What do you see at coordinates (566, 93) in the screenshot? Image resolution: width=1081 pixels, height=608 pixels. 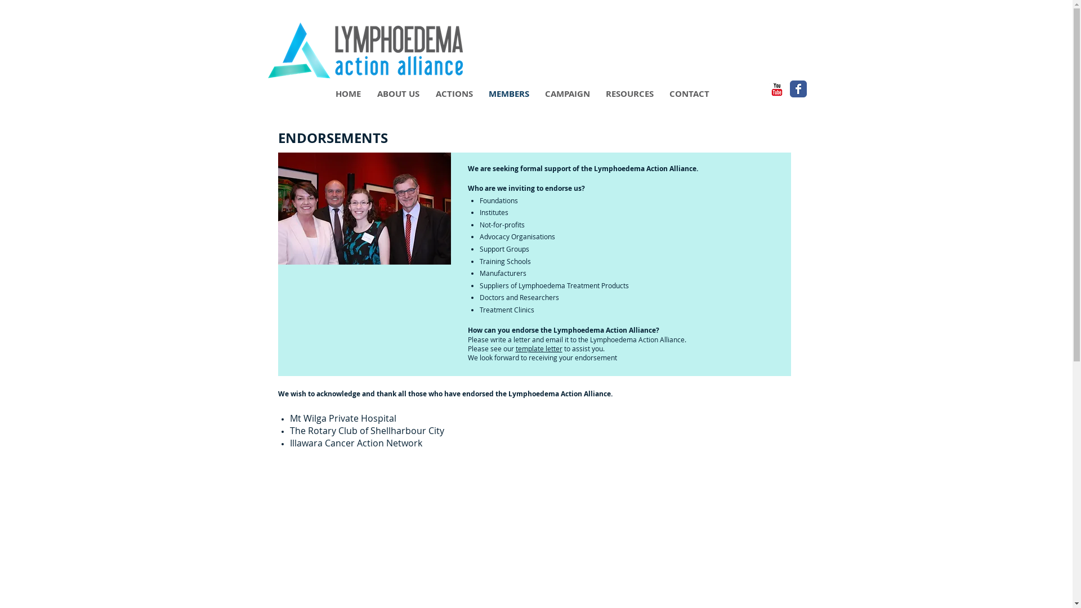 I see `'CAMPAIGN'` at bounding box center [566, 93].